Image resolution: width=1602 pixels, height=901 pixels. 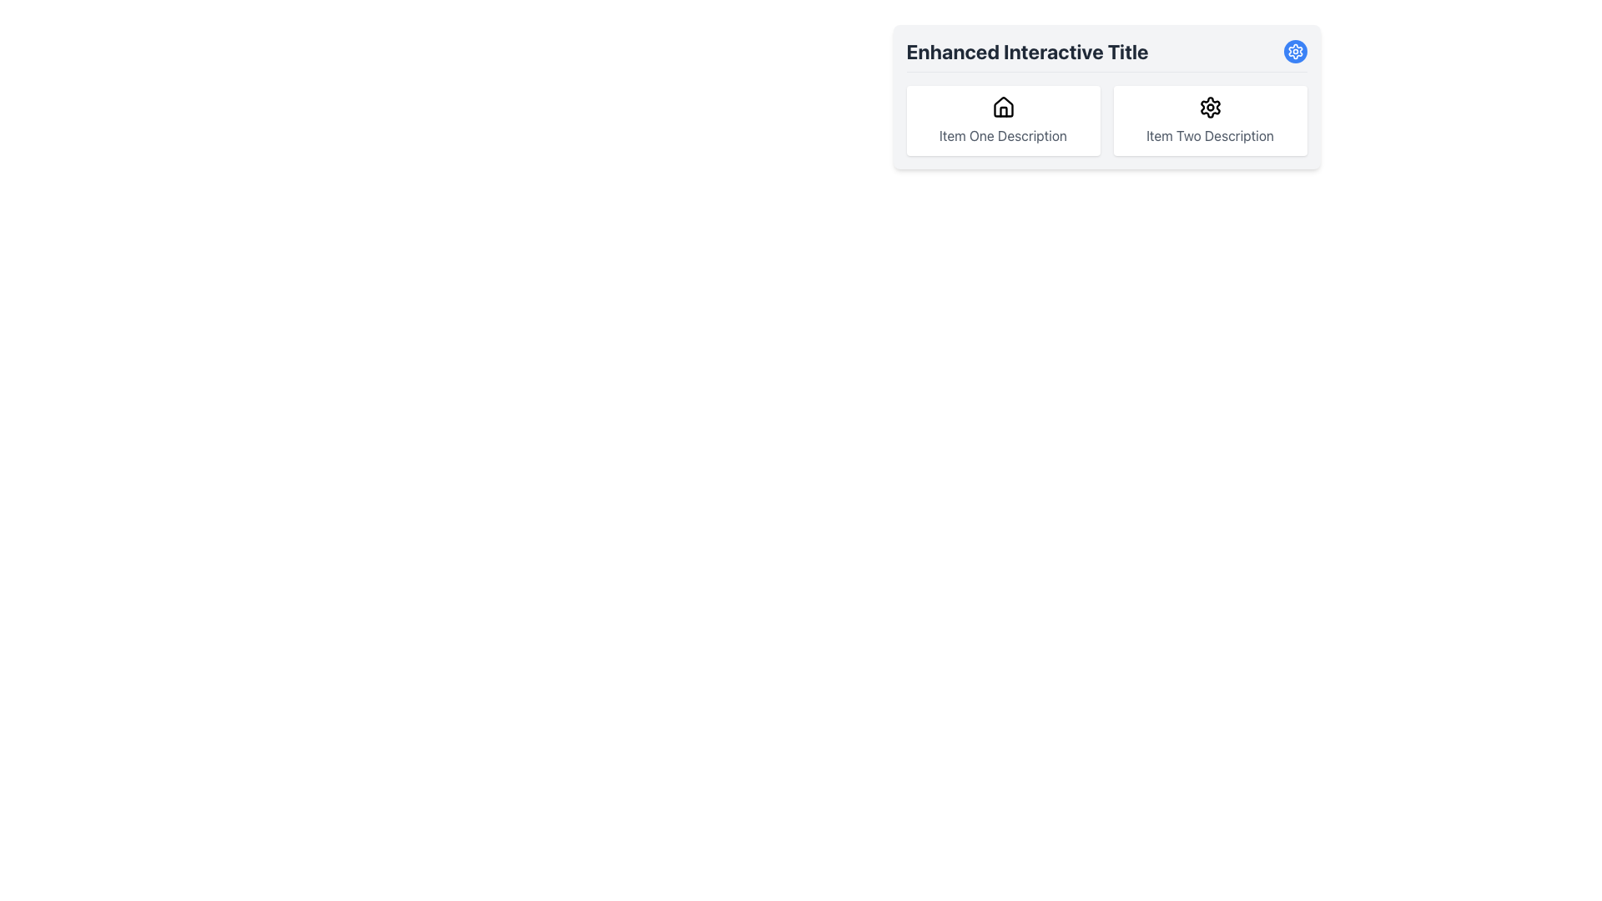 What do you see at coordinates (1002, 107) in the screenshot?
I see `the house icon, which is centrally located above the 'Item One Description' text label within its interactive card` at bounding box center [1002, 107].